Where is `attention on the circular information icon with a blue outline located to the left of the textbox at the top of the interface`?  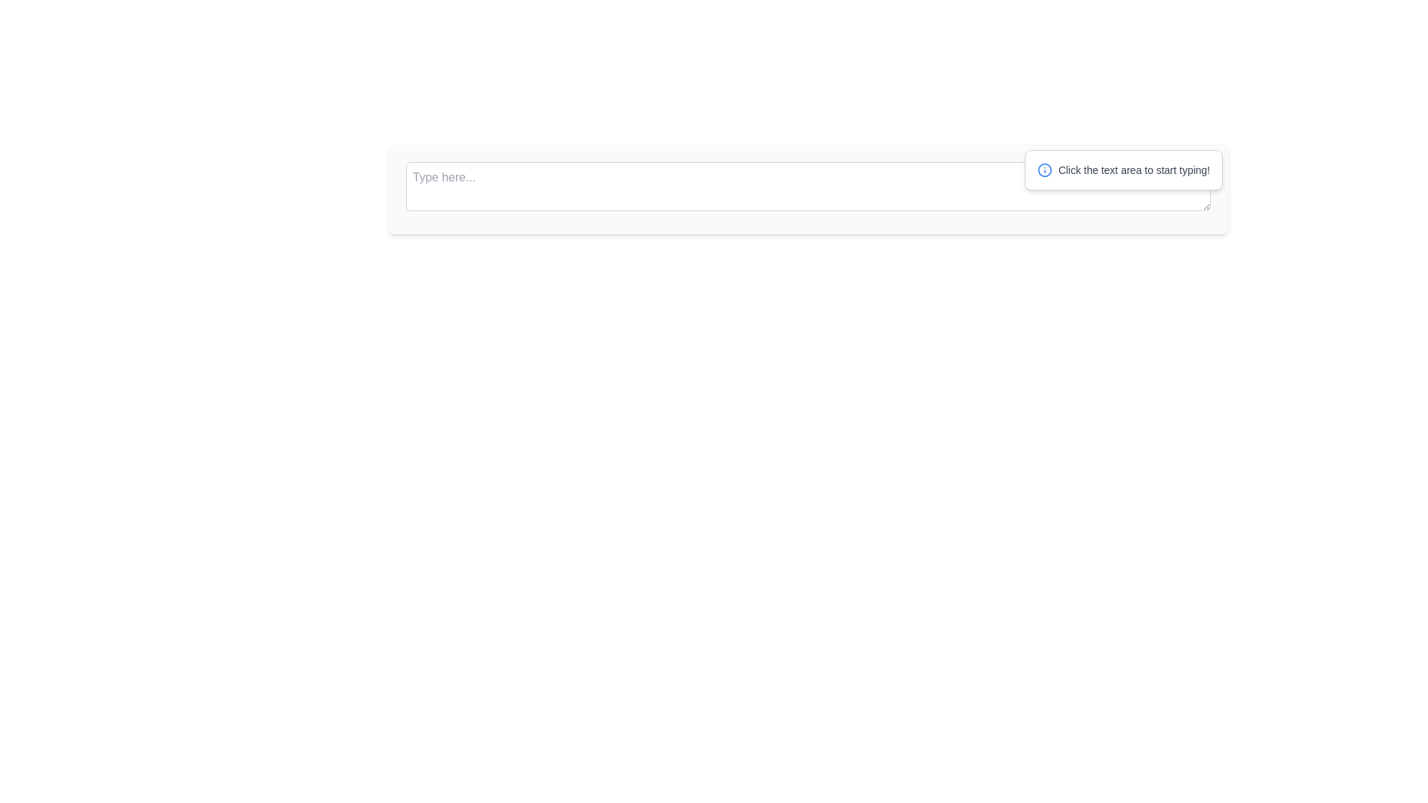
attention on the circular information icon with a blue outline located to the left of the textbox at the top of the interface is located at coordinates (1044, 169).